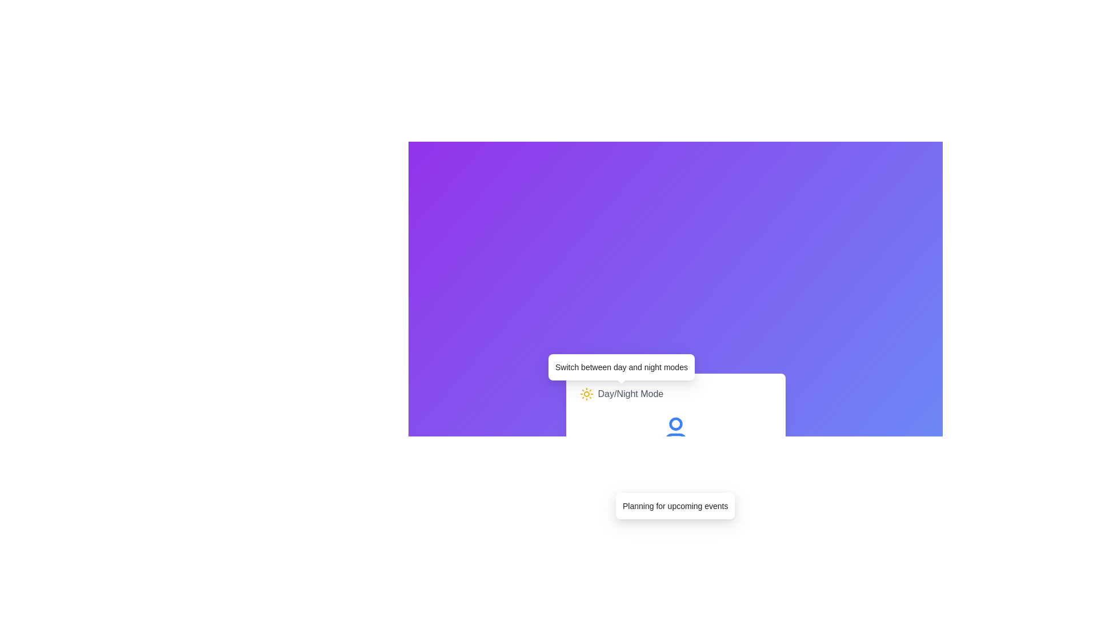  I want to click on the user profile icon, which is part of an SVG graphic and located below the circular head representation, so click(675, 438).